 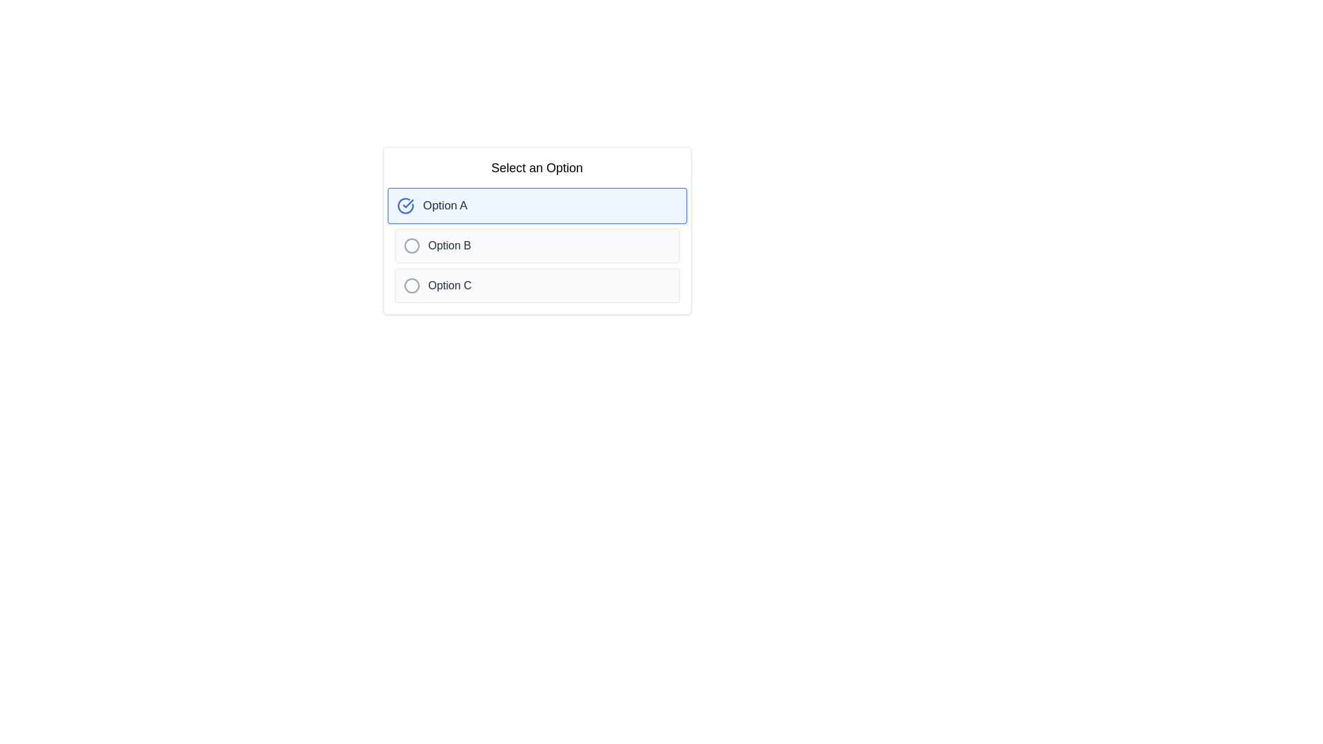 What do you see at coordinates (536, 245) in the screenshot?
I see `the 'Option B' radio button in the vertical list of options for visual feedback` at bounding box center [536, 245].